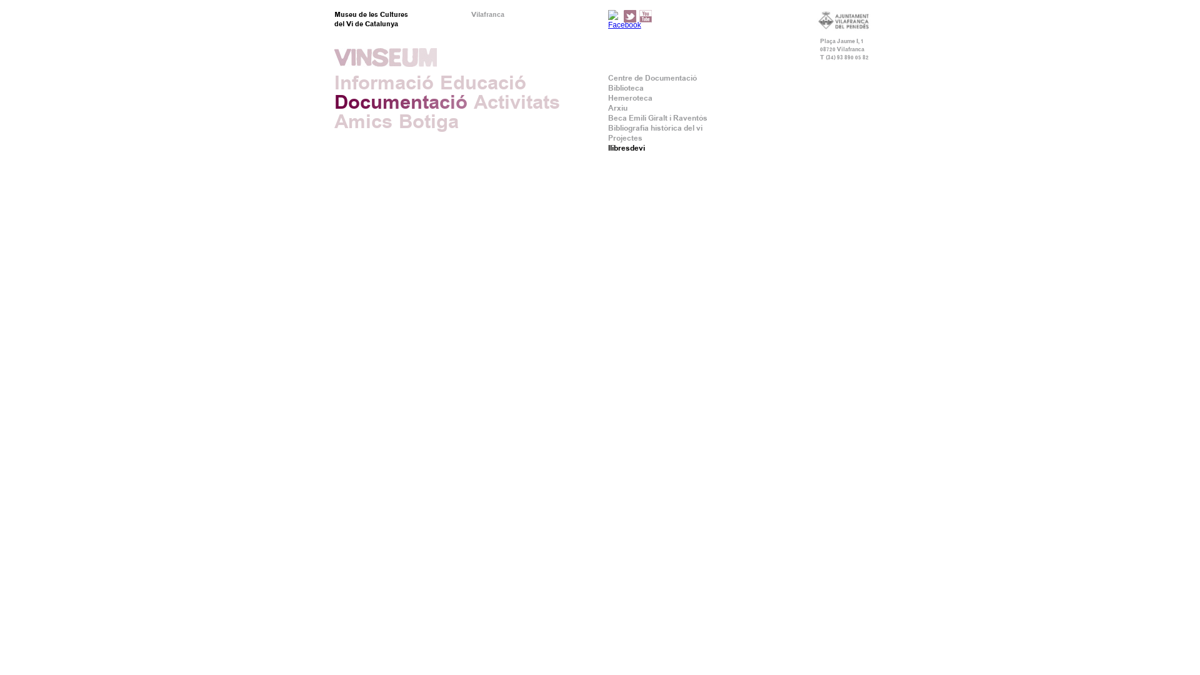 The image size is (1200, 675). I want to click on 'Botiga', so click(398, 121).